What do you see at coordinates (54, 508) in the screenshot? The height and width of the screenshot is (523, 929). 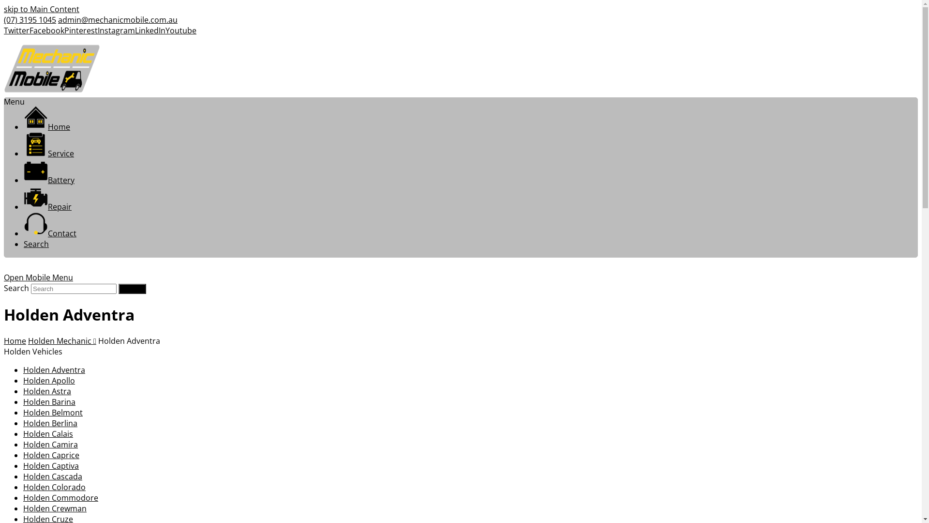 I see `'Holden Crewman'` at bounding box center [54, 508].